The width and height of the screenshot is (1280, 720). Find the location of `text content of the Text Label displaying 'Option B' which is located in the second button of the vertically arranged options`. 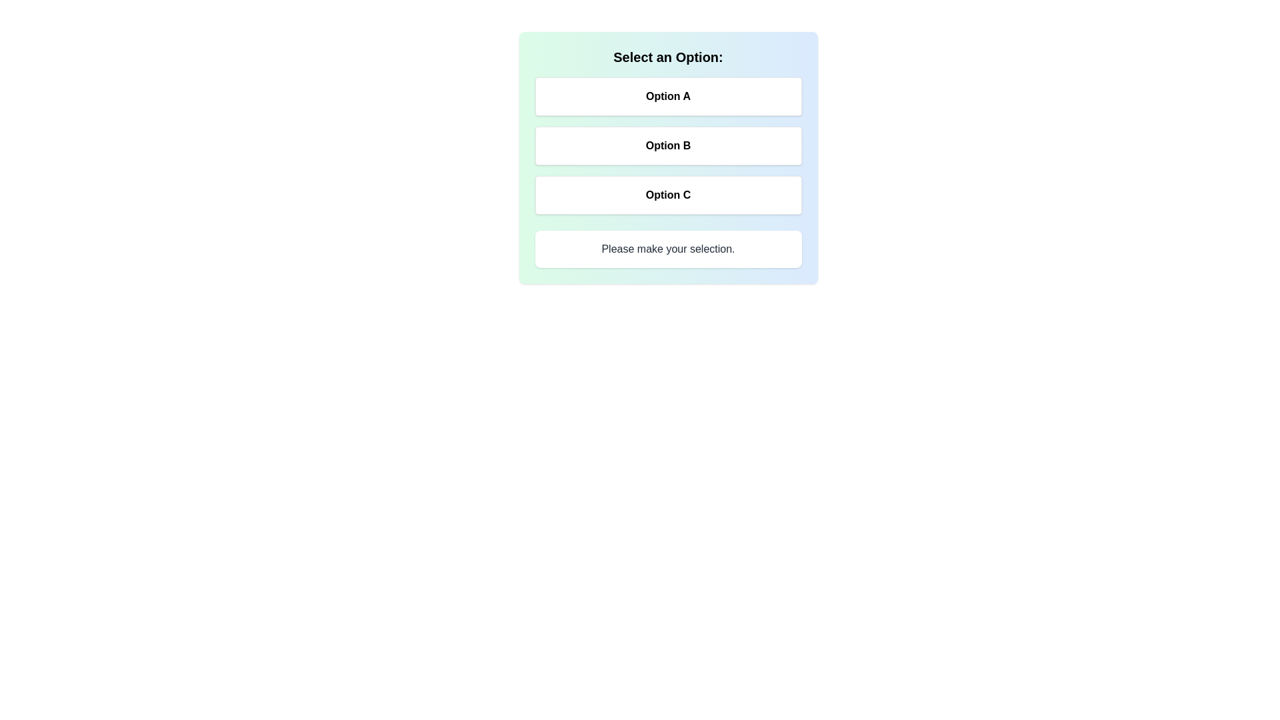

text content of the Text Label displaying 'Option B' which is located in the second button of the vertically arranged options is located at coordinates (668, 146).